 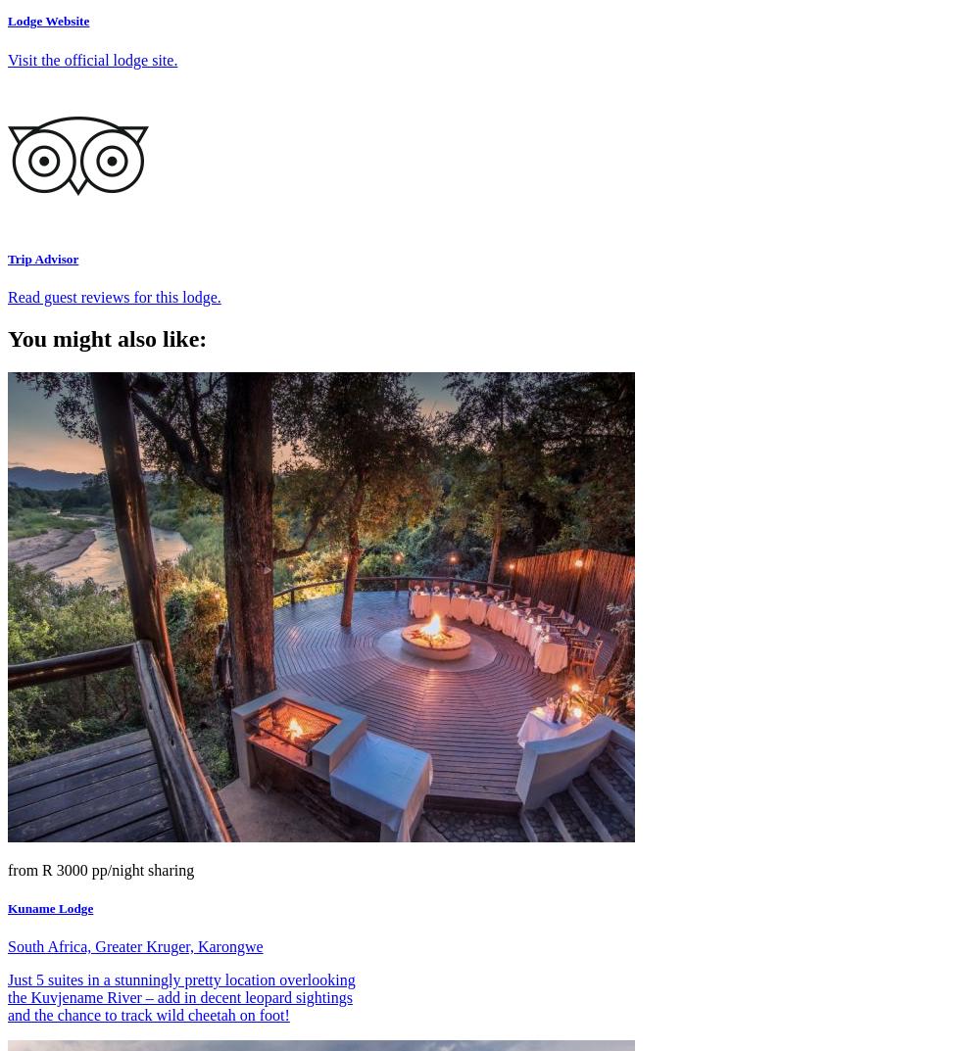 What do you see at coordinates (107, 337) in the screenshot?
I see `'You might also like:'` at bounding box center [107, 337].